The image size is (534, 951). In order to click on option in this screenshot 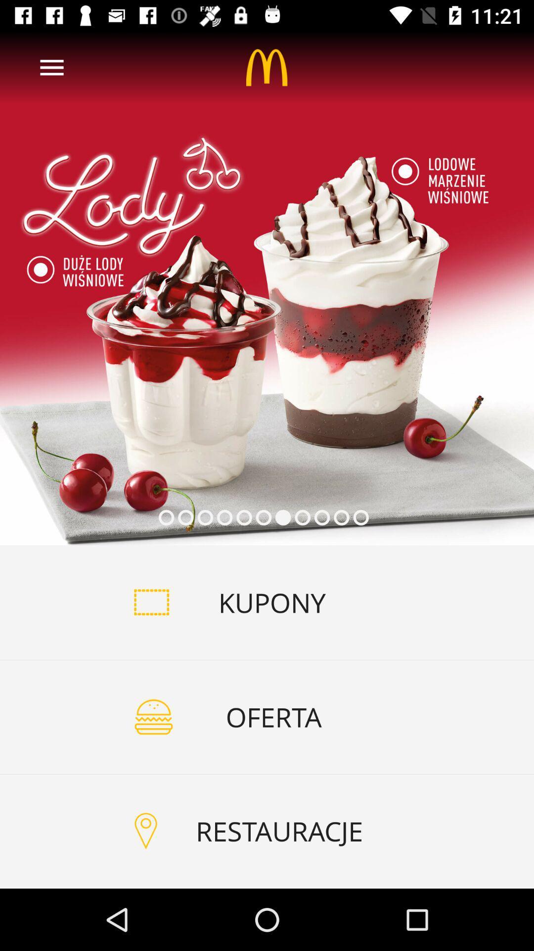, I will do `click(267, 287)`.